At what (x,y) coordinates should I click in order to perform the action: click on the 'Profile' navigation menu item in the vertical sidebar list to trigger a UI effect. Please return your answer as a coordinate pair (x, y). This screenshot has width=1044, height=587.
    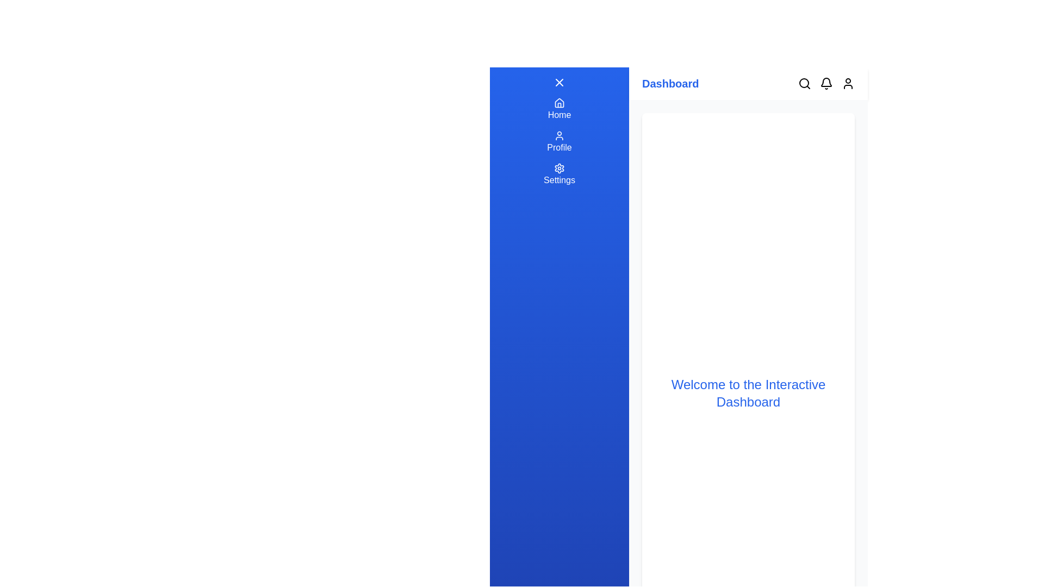
    Looking at the image, I should click on (559, 142).